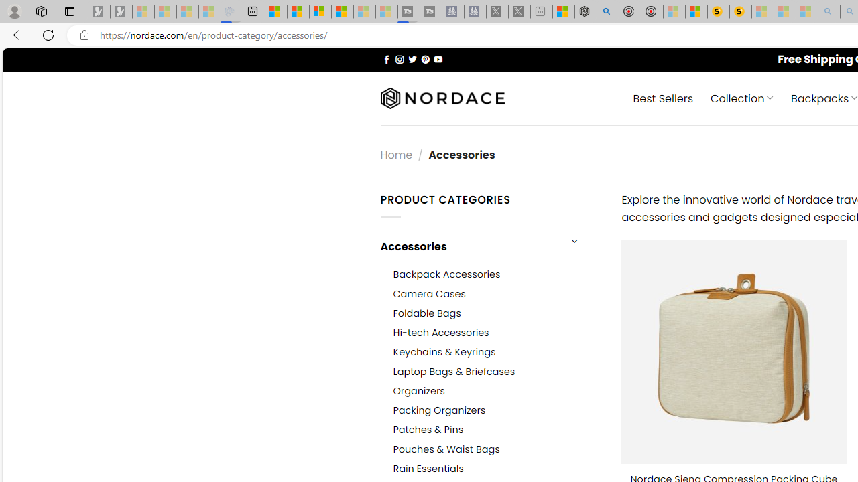 This screenshot has height=482, width=858. Describe the element at coordinates (440, 331) in the screenshot. I see `'Hi-tech Accessories'` at that location.